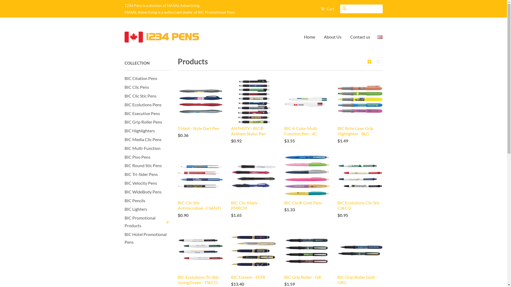  What do you see at coordinates (144, 222) in the screenshot?
I see `'BIC Promotional Products'` at bounding box center [144, 222].